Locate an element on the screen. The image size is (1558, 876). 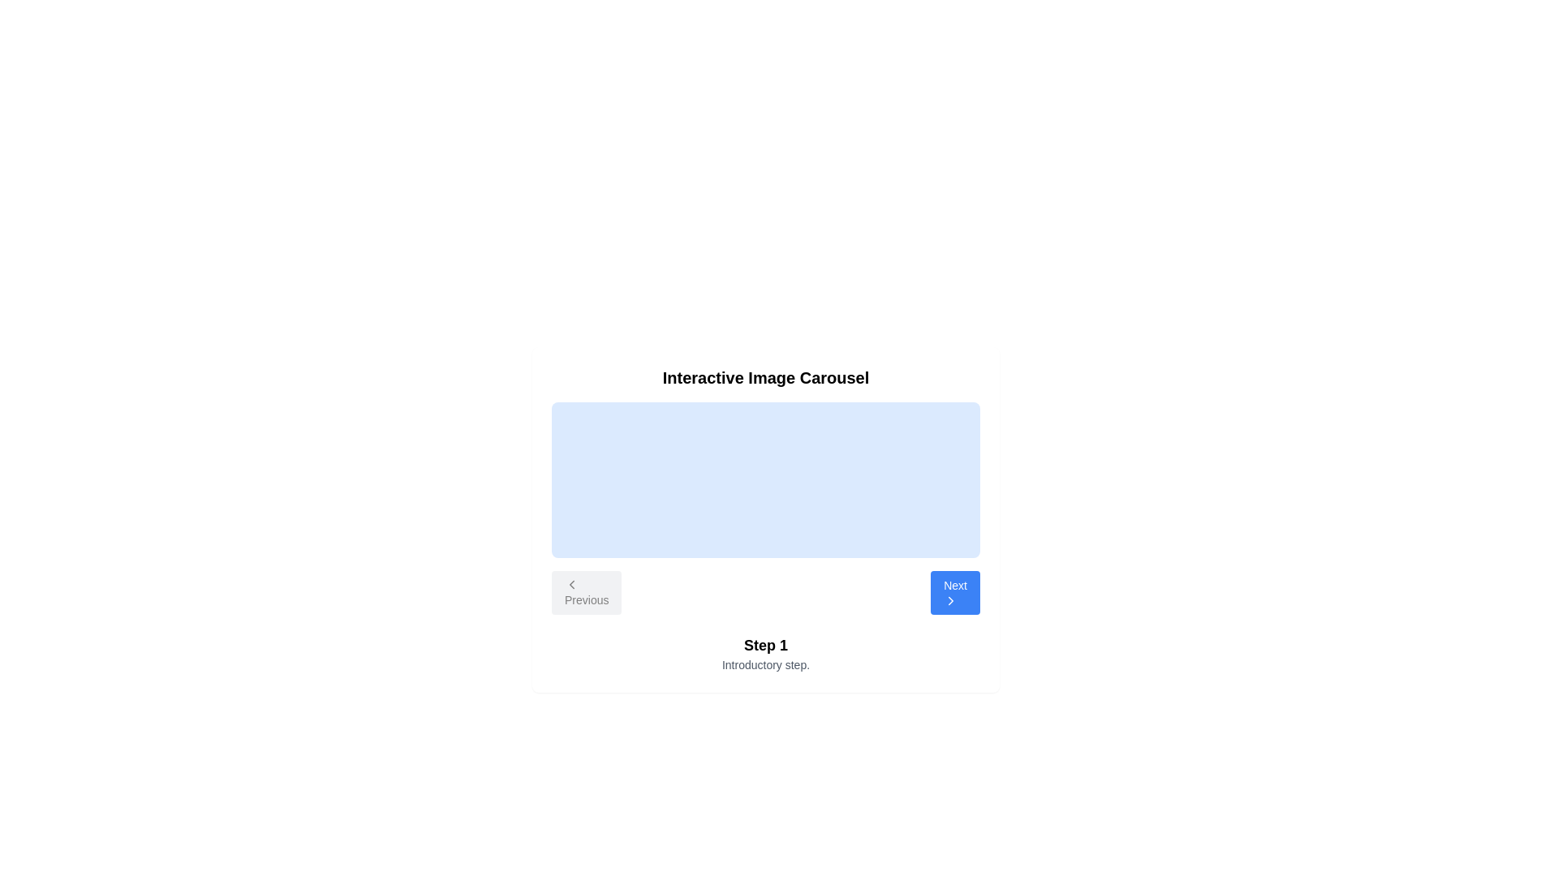
the navigation button located in the lower right section of the interface, which is the last button among its siblings and contrasts with the 'Previous' button is located at coordinates (955, 593).